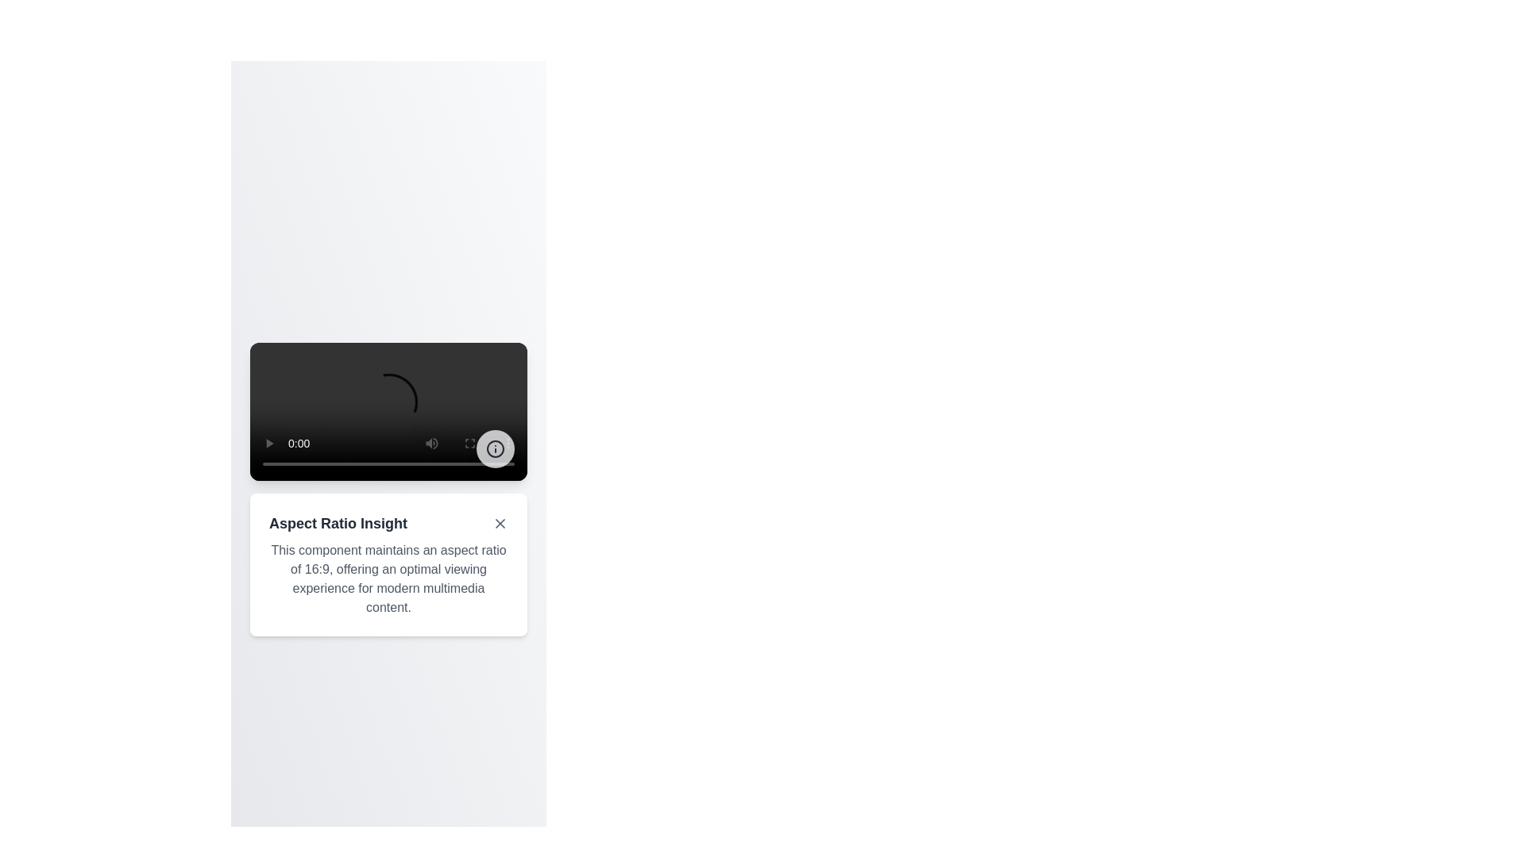 The width and height of the screenshot is (1525, 857). I want to click on the seek bar of the Video Player Interface, which is centrally located above the 'Aspect Ratio Insight' card, so click(388, 411).